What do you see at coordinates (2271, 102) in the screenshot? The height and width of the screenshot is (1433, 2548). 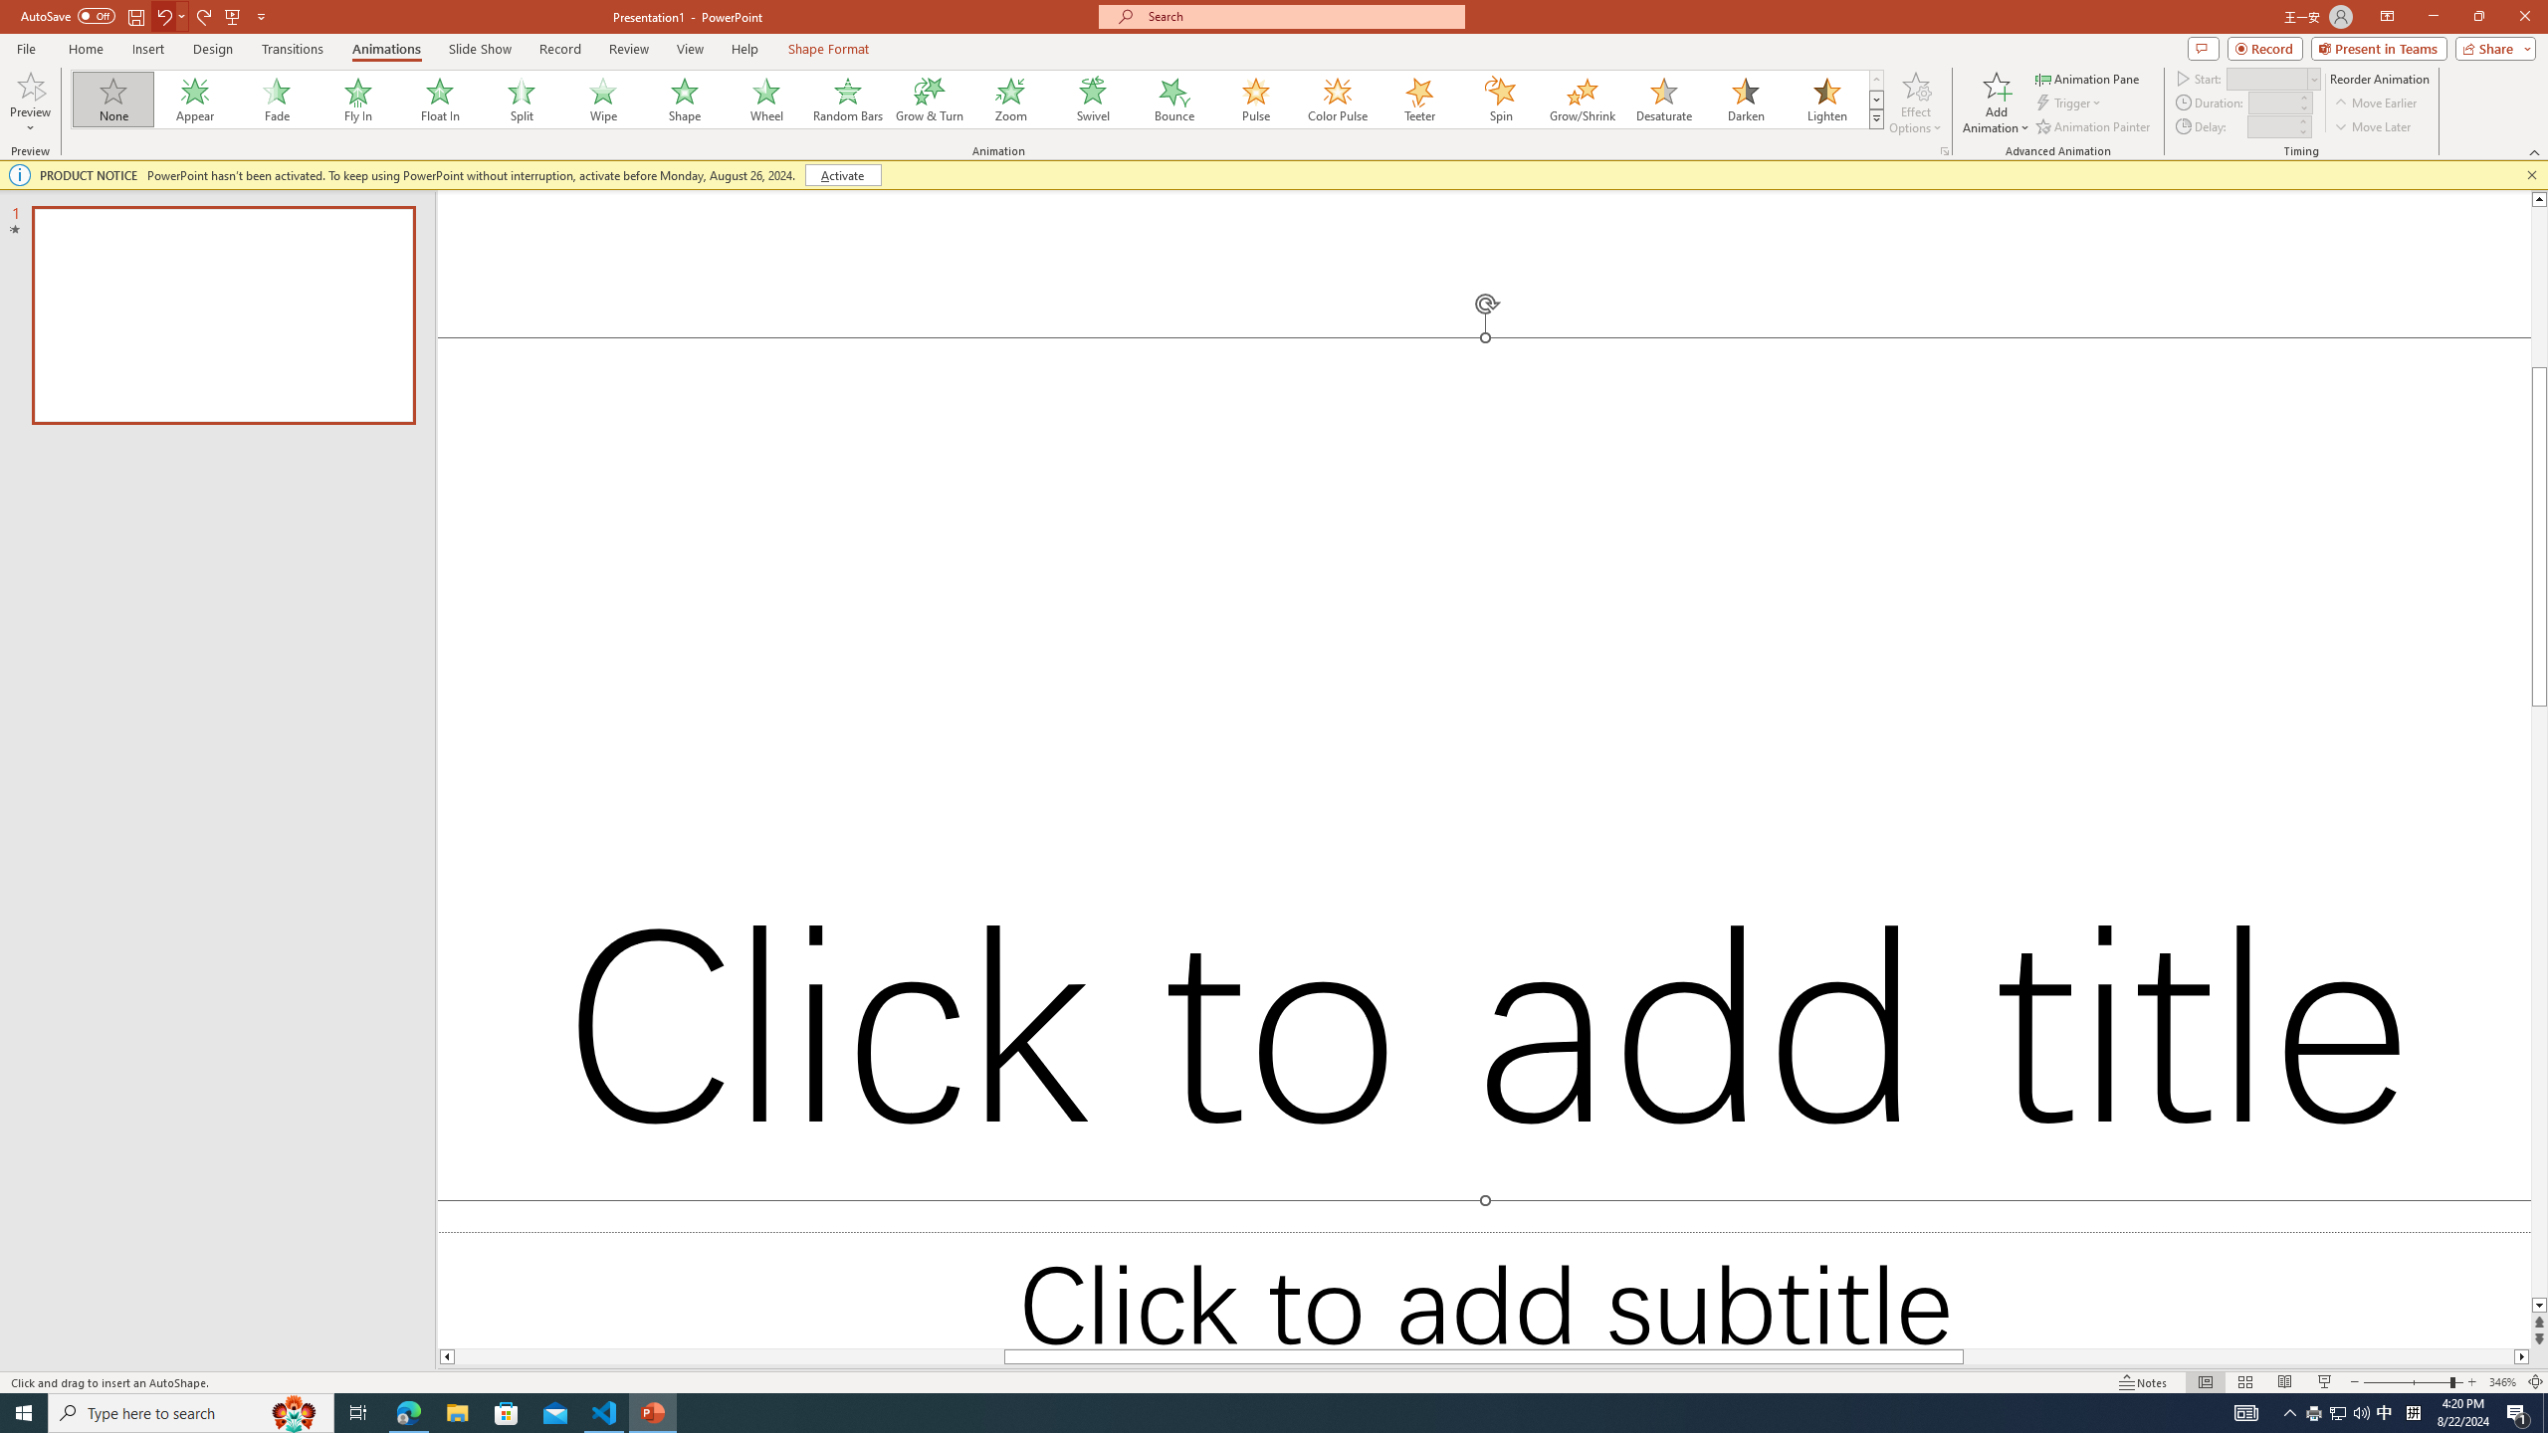 I see `'Animation Duration'` at bounding box center [2271, 102].